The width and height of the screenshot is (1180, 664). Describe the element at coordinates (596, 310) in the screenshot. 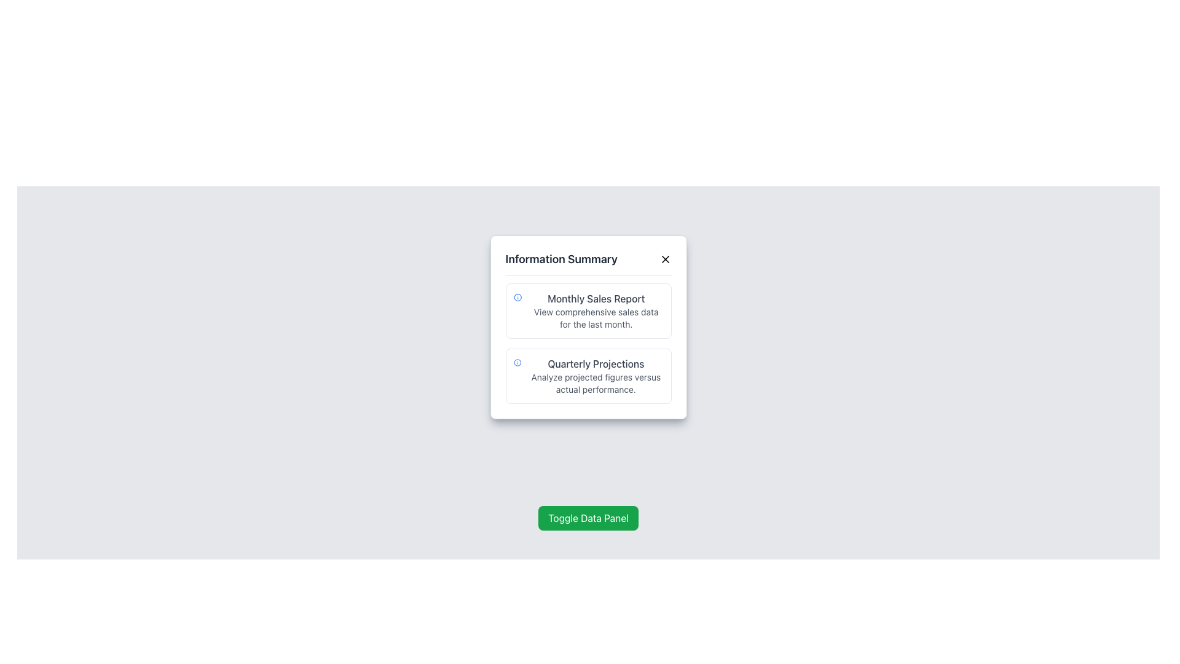

I see `the Label with Description that presents a selectable option for viewing monthly sales data, located in the 'Information Summary' section, positioned at the top-left of the list` at that location.